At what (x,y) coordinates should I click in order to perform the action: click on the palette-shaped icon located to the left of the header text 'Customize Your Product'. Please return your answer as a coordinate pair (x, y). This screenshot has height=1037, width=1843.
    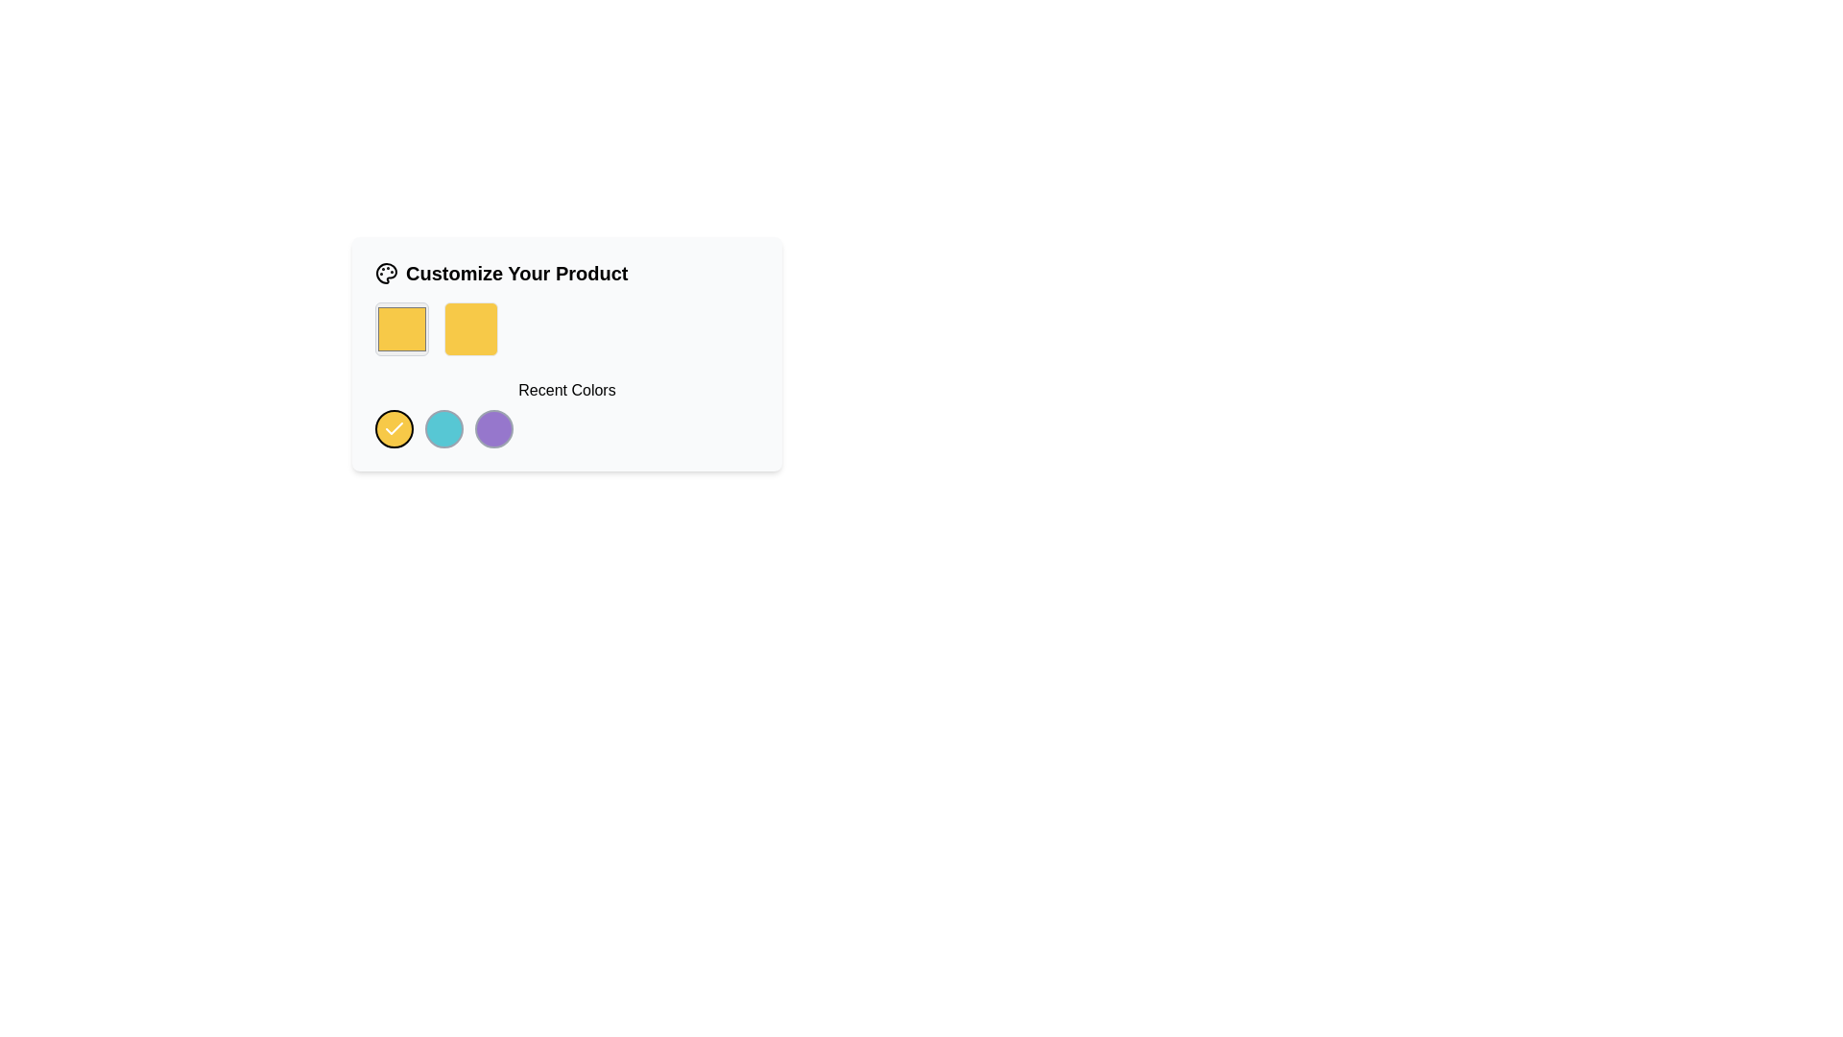
    Looking at the image, I should click on (386, 274).